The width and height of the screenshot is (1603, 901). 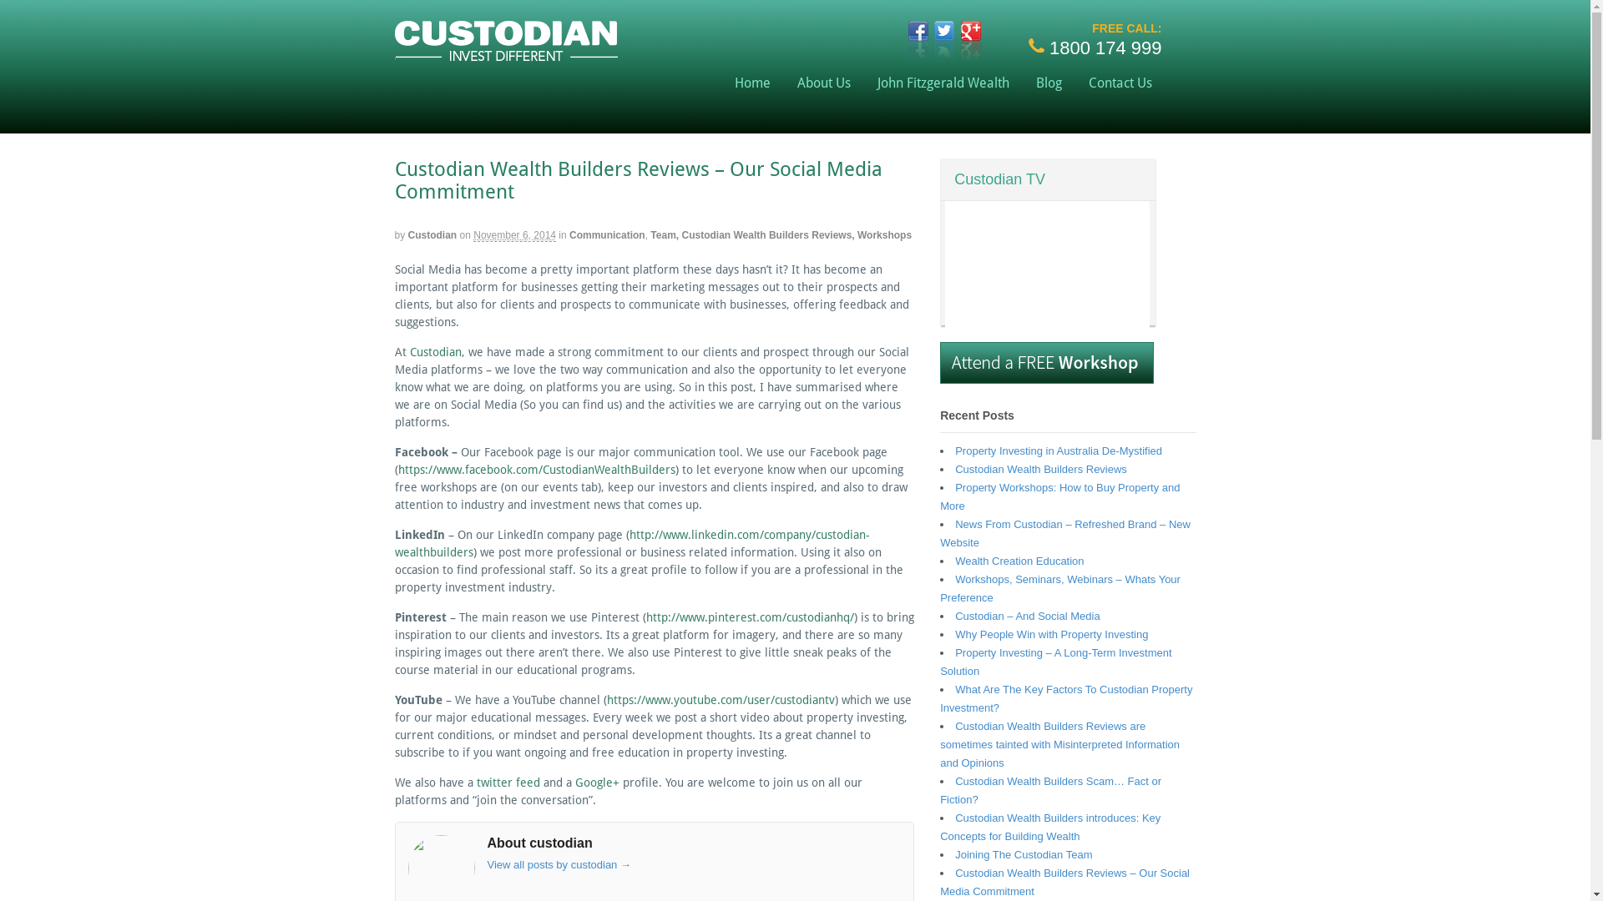 I want to click on 'Property Investing in Australia De-Mystified', so click(x=1057, y=450).